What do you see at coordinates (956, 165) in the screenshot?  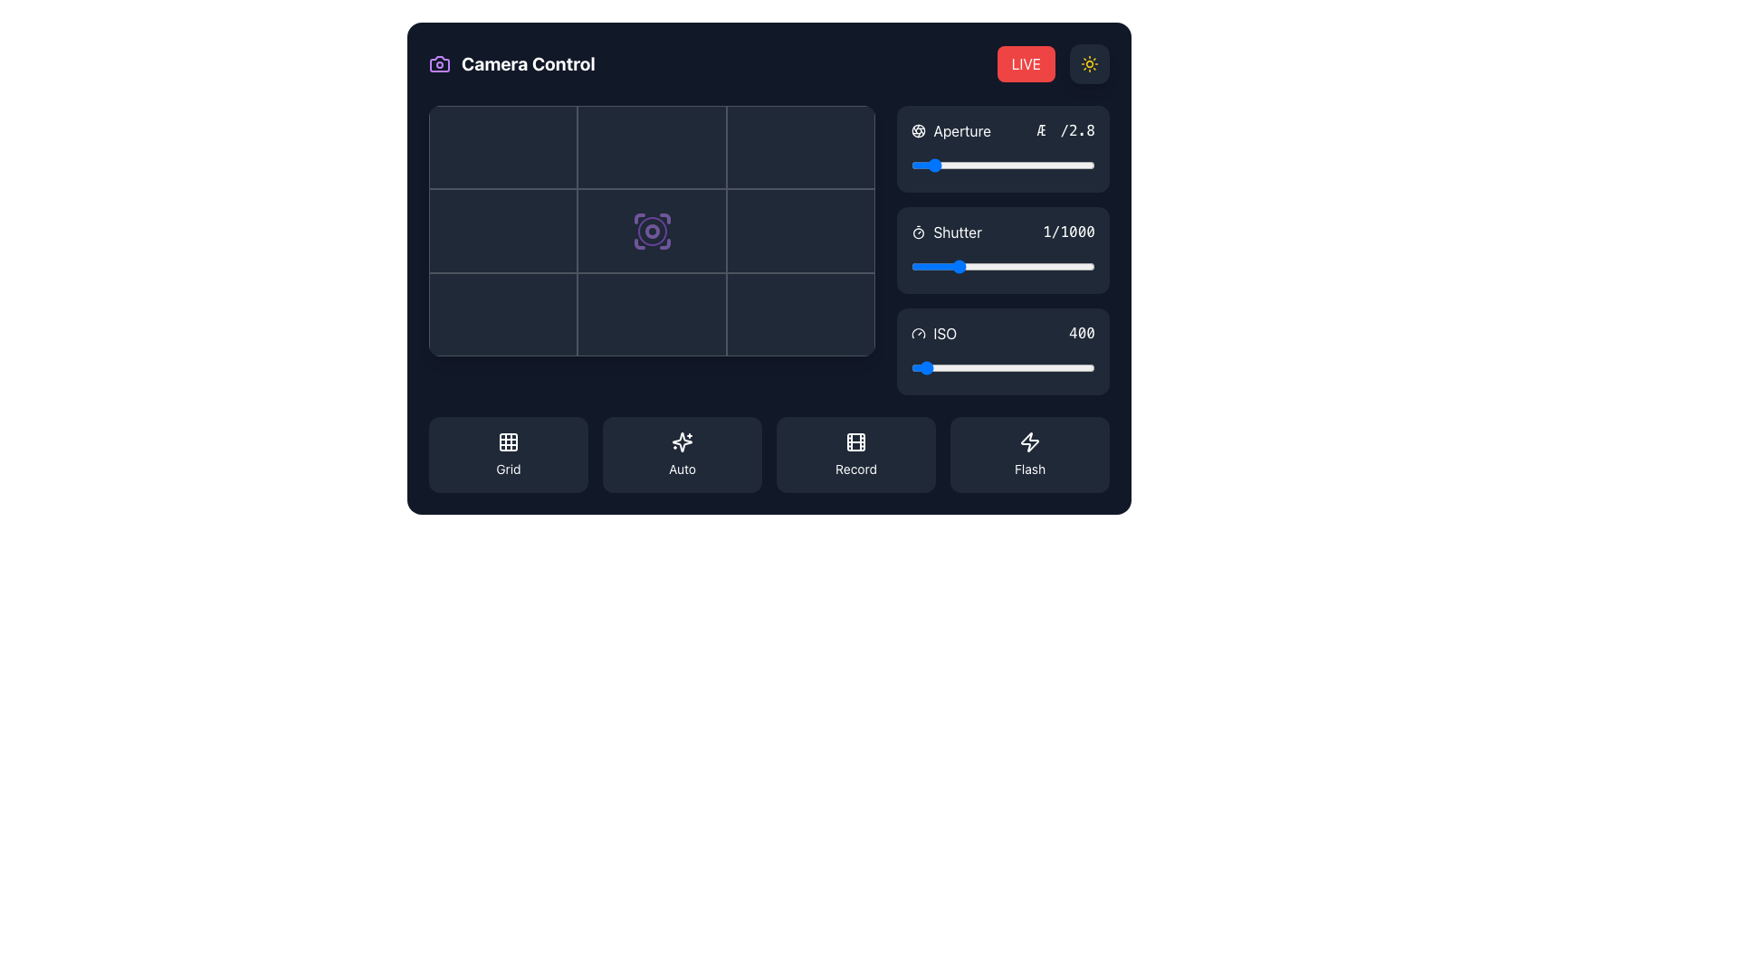 I see `the aperture` at bounding box center [956, 165].